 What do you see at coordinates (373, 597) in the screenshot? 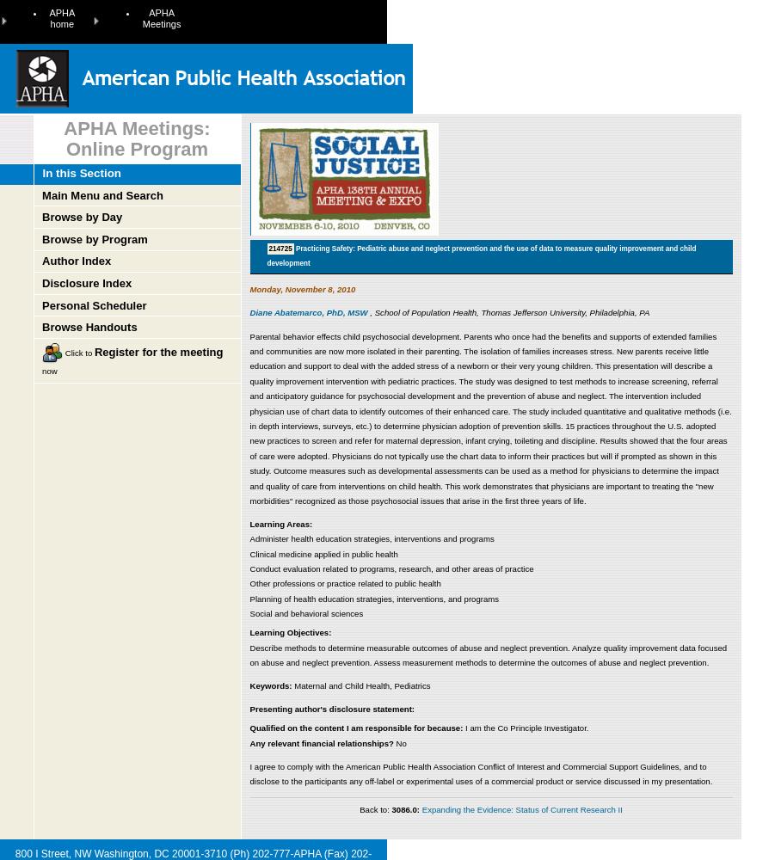
I see `'Planning of health education strategies, interventions, and programs'` at bounding box center [373, 597].